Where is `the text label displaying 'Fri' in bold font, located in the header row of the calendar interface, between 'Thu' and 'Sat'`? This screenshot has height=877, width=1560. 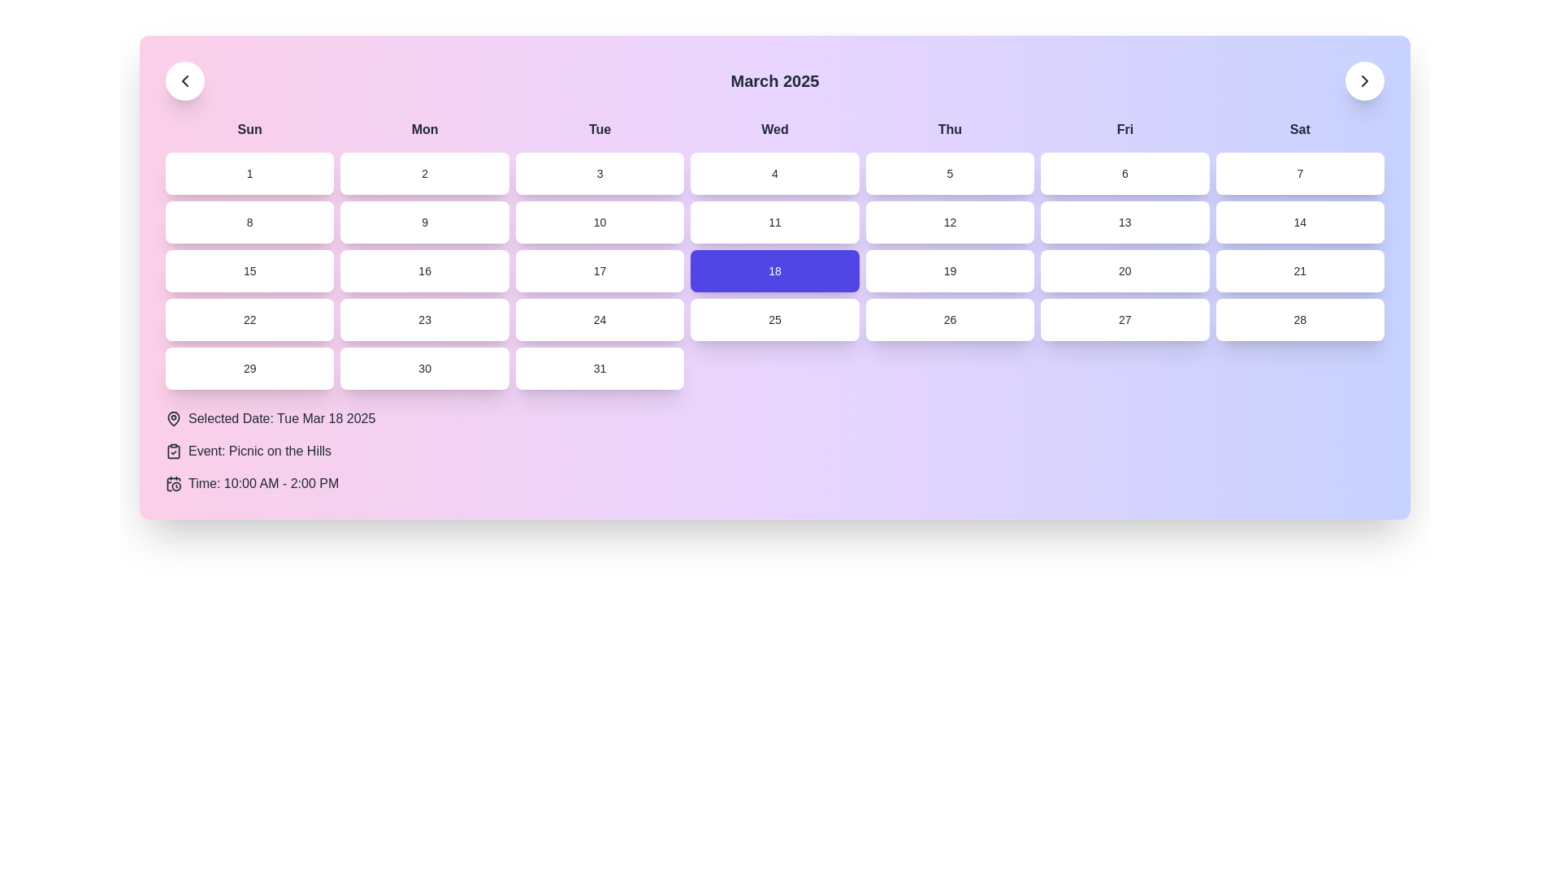 the text label displaying 'Fri' in bold font, located in the header row of the calendar interface, between 'Thu' and 'Sat' is located at coordinates (1124, 128).